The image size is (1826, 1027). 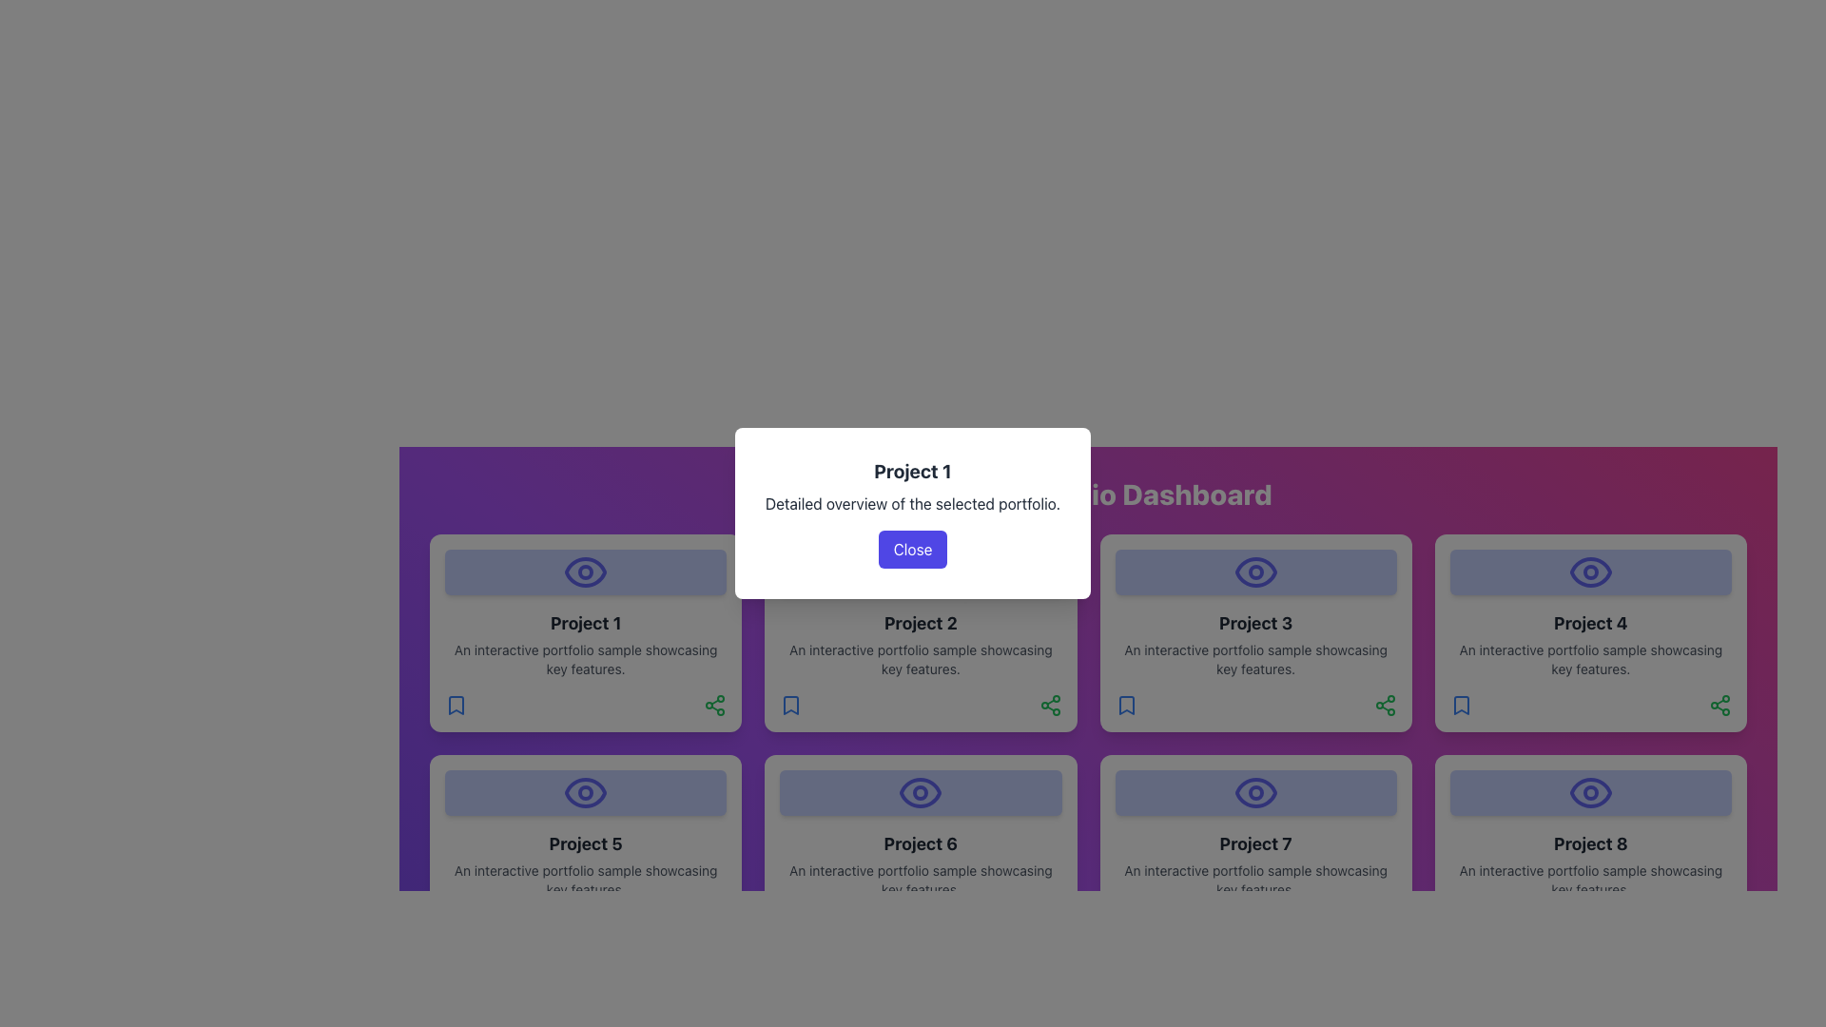 What do you see at coordinates (1049, 705) in the screenshot?
I see `the green sharing icon located in the bottom-right corner of the card labeled Project 2` at bounding box center [1049, 705].